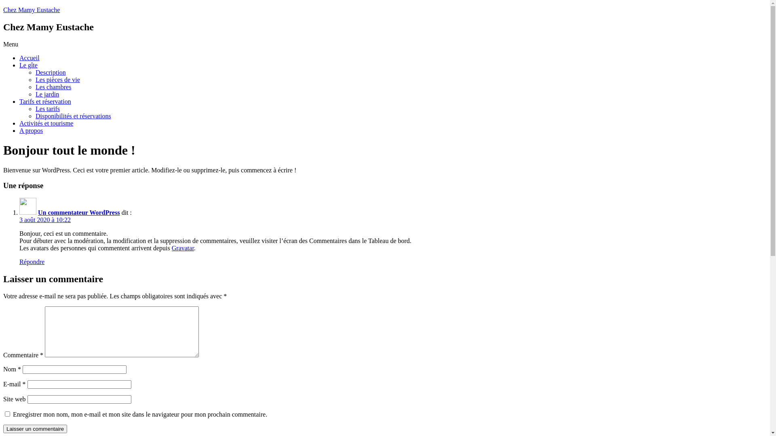 The height and width of the screenshot is (436, 776). What do you see at coordinates (29, 57) in the screenshot?
I see `'Accueil'` at bounding box center [29, 57].